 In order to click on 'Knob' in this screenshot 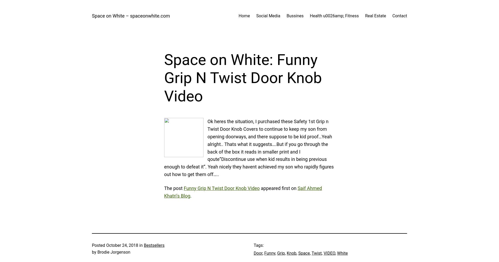, I will do `click(291, 253)`.